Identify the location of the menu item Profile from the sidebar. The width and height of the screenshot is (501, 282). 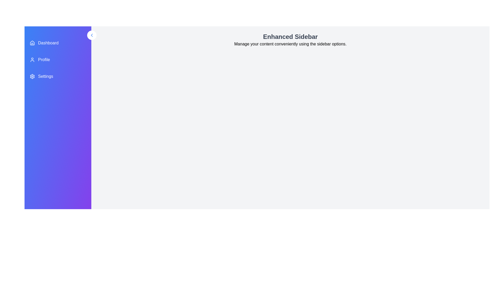
(58, 59).